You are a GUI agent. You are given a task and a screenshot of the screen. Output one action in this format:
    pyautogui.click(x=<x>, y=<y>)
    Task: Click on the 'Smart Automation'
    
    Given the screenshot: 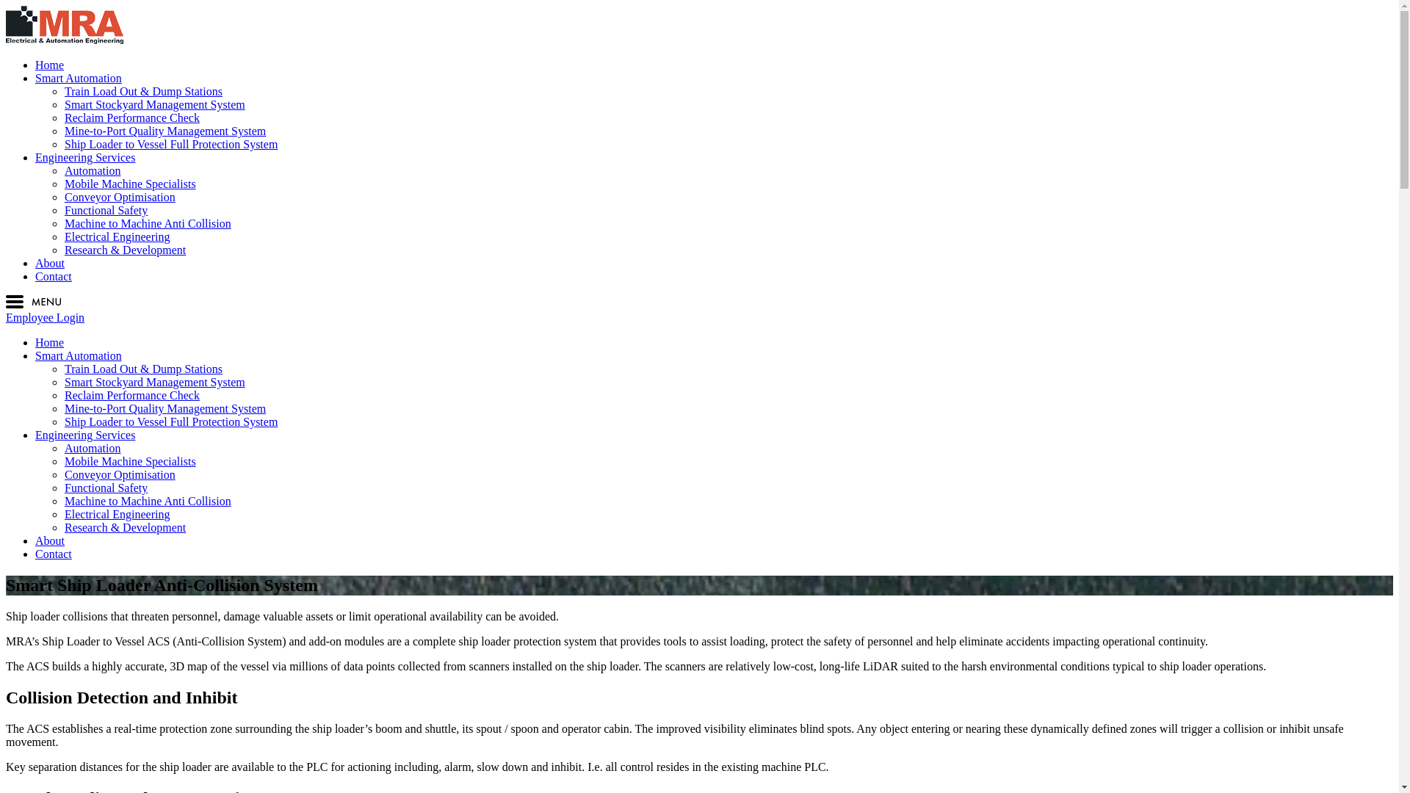 What is the action you would take?
    pyautogui.click(x=35, y=355)
    